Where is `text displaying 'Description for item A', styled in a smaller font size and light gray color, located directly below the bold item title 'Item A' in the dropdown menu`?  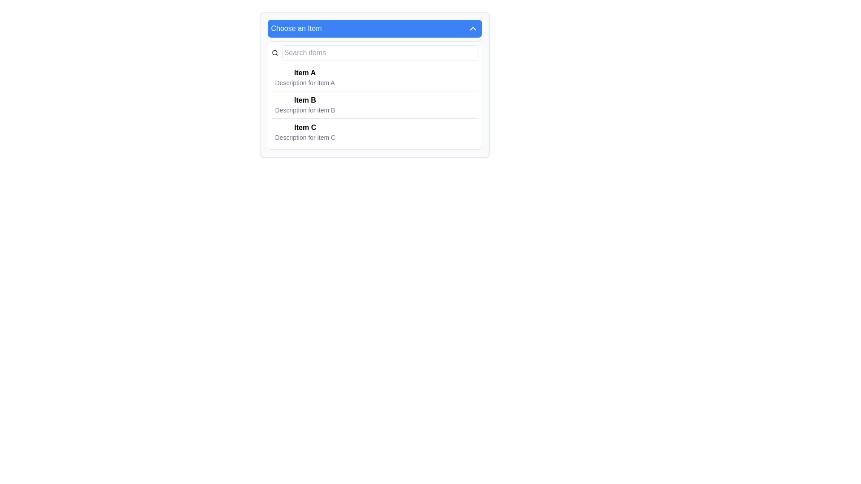 text displaying 'Description for item A', styled in a smaller font size and light gray color, located directly below the bold item title 'Item A' in the dropdown menu is located at coordinates (305, 83).